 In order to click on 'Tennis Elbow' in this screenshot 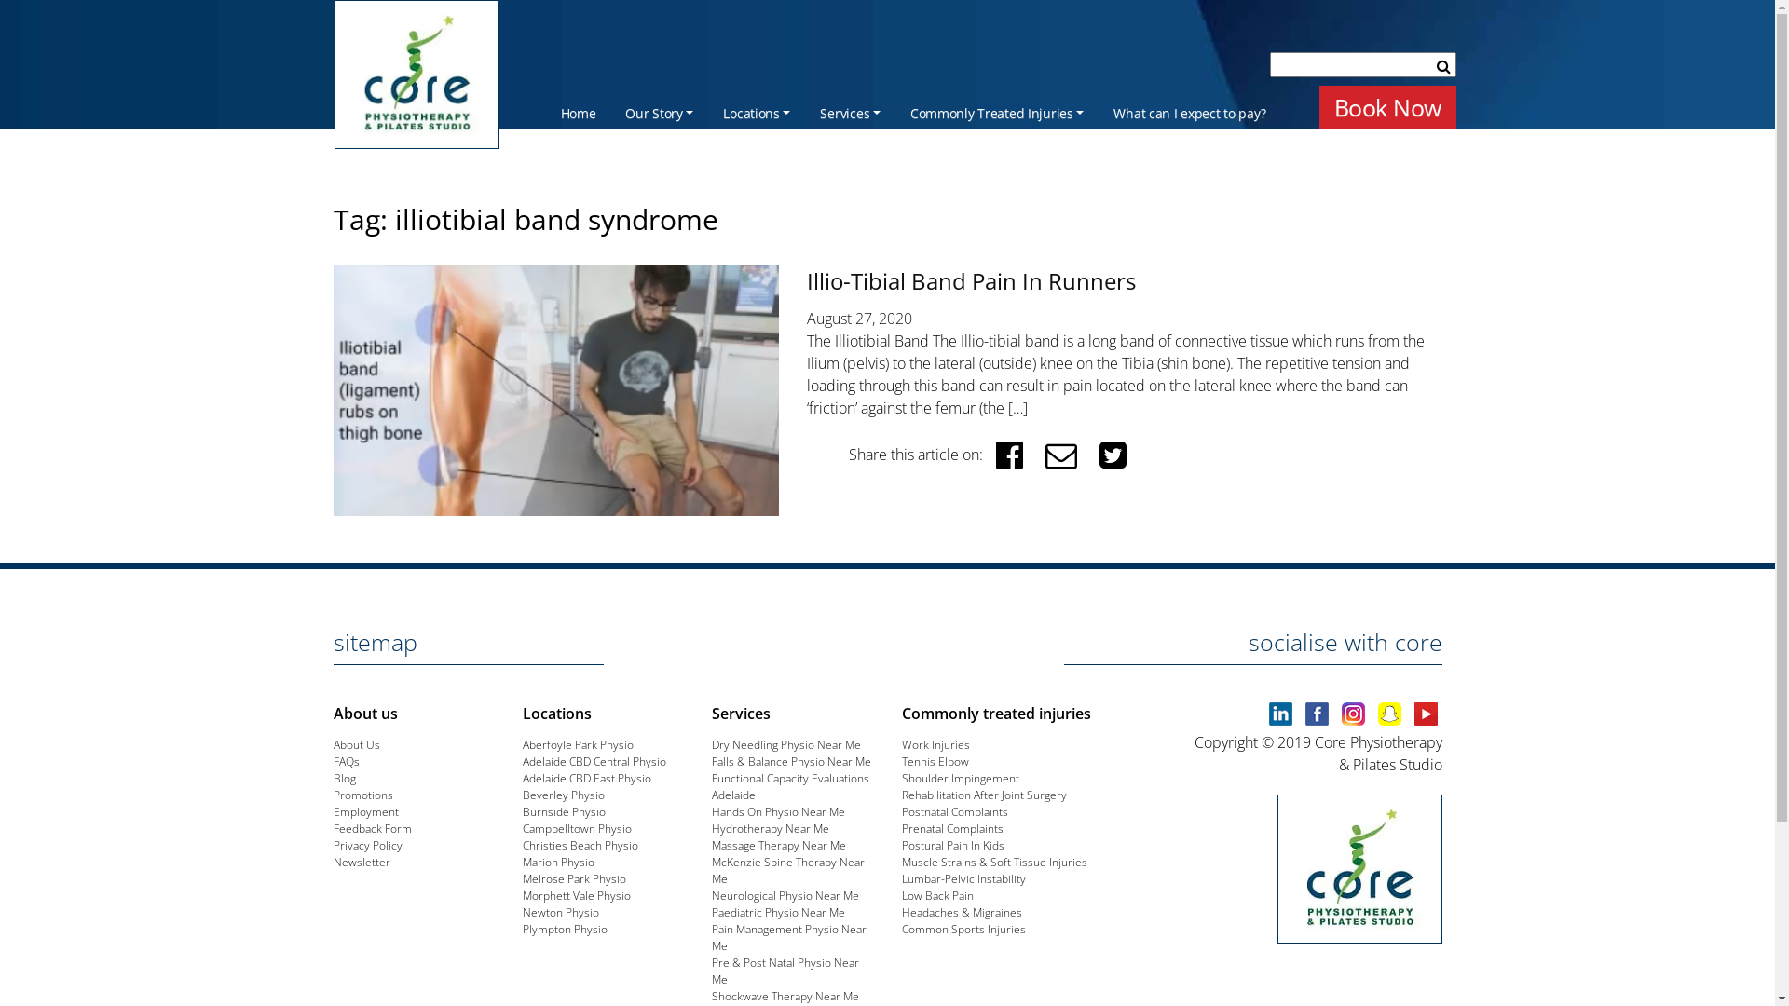, I will do `click(935, 761)`.